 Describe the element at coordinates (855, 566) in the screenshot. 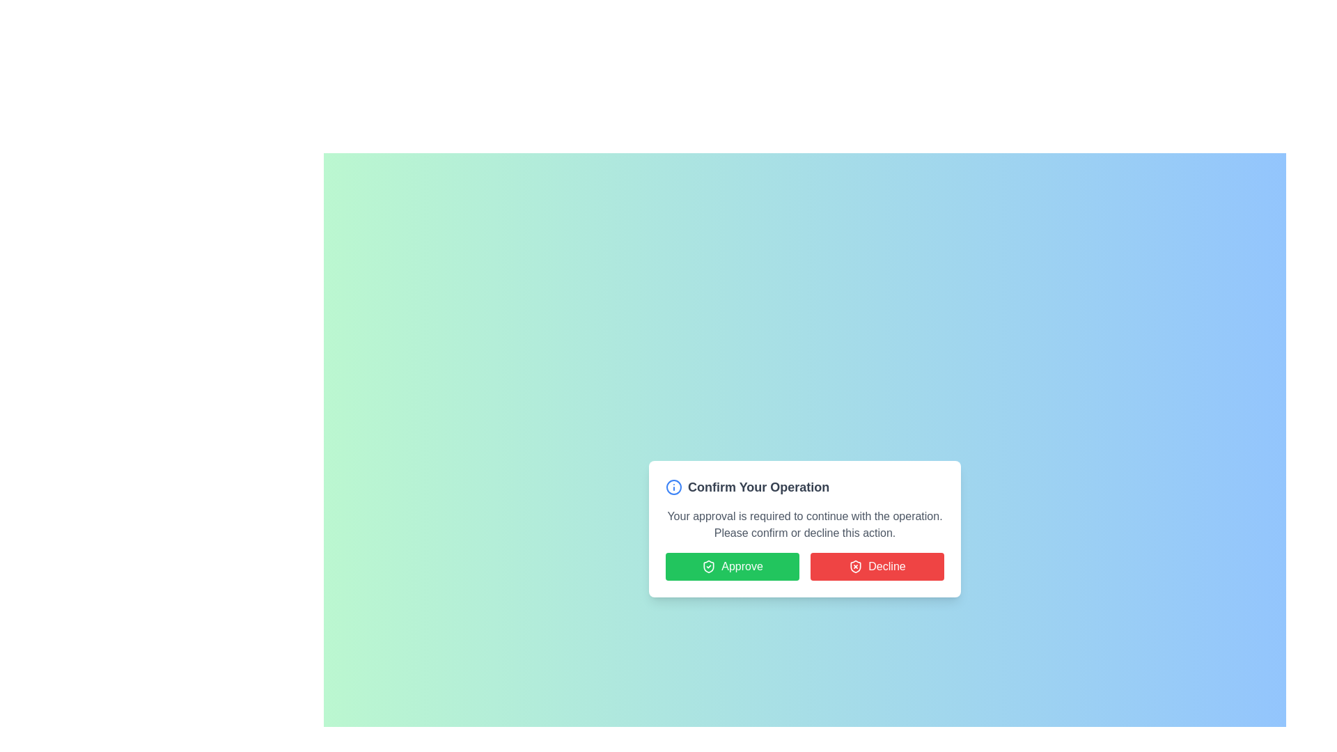

I see `the Decorative icon representing the decline action within the Decline button at the bottom-right of the confirmation dialog window` at that location.